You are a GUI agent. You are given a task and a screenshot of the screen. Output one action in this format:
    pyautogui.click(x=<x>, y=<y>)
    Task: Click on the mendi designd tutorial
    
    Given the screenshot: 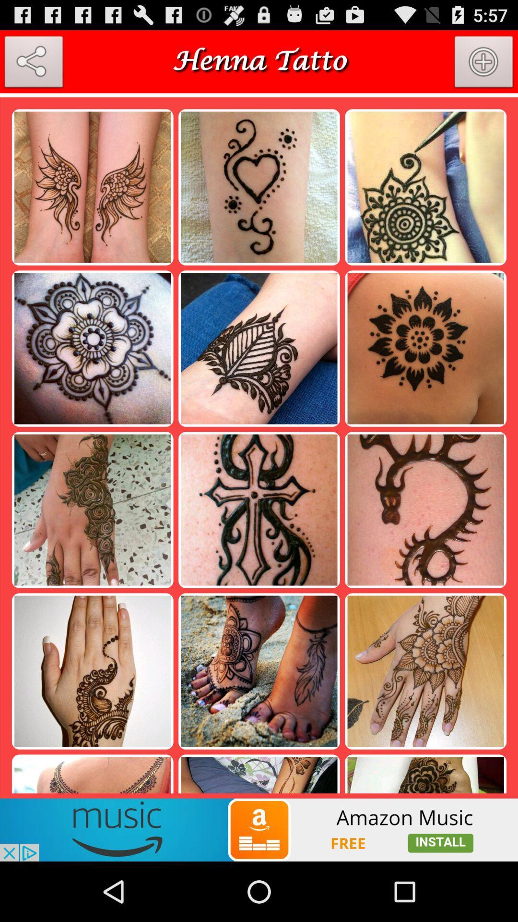 What is the action you would take?
    pyautogui.click(x=33, y=63)
    